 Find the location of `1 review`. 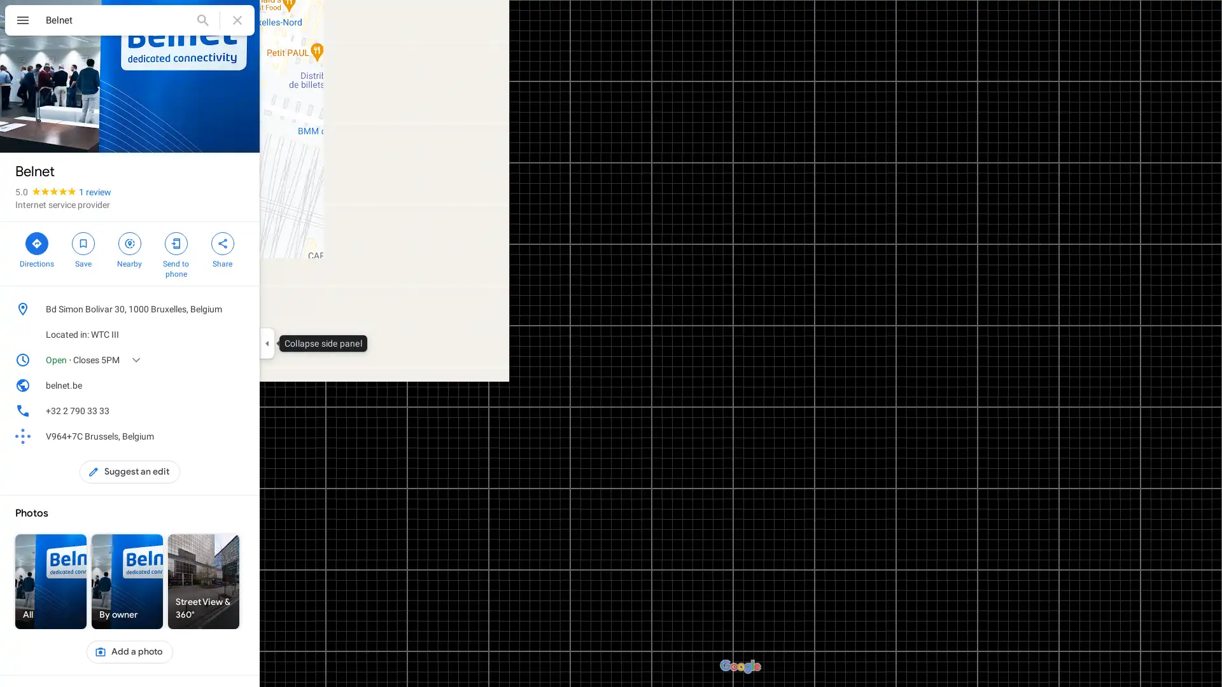

1 review is located at coordinates (94, 191).